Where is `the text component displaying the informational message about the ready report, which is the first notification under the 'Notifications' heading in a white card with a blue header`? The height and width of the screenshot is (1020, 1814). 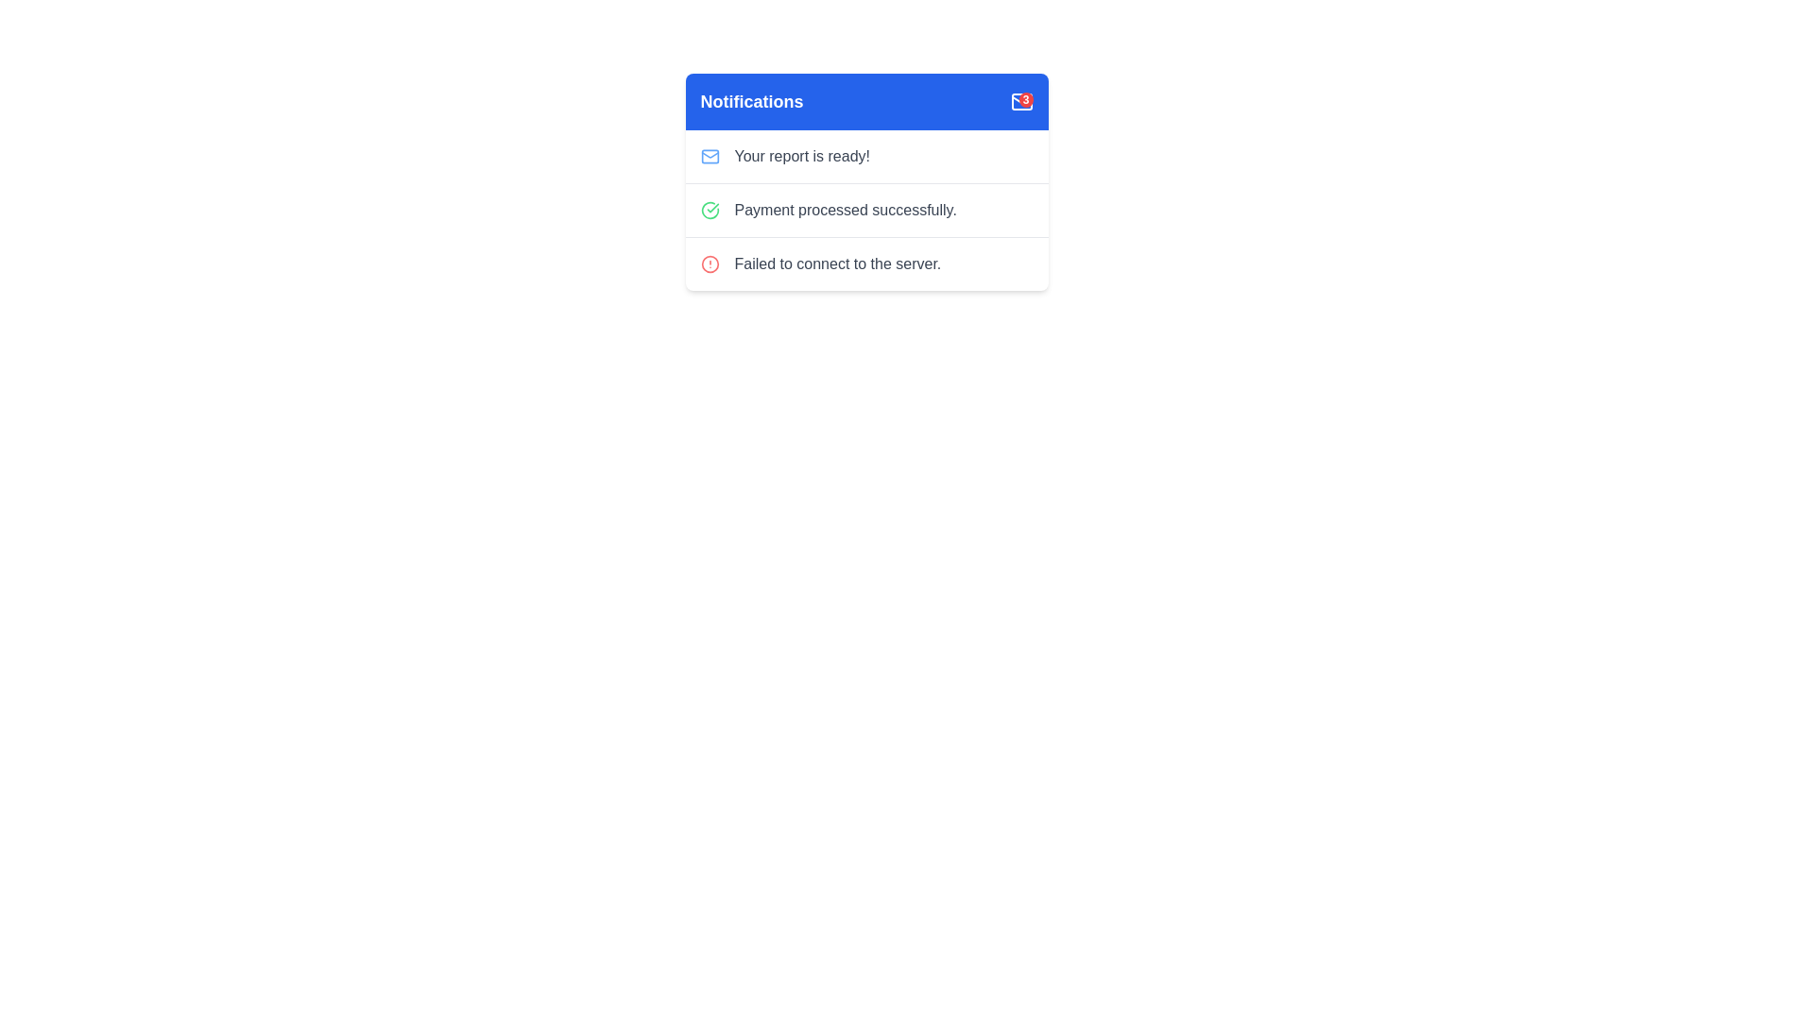
the text component displaying the informational message about the ready report, which is the first notification under the 'Notifications' heading in a white card with a blue header is located at coordinates (802, 155).